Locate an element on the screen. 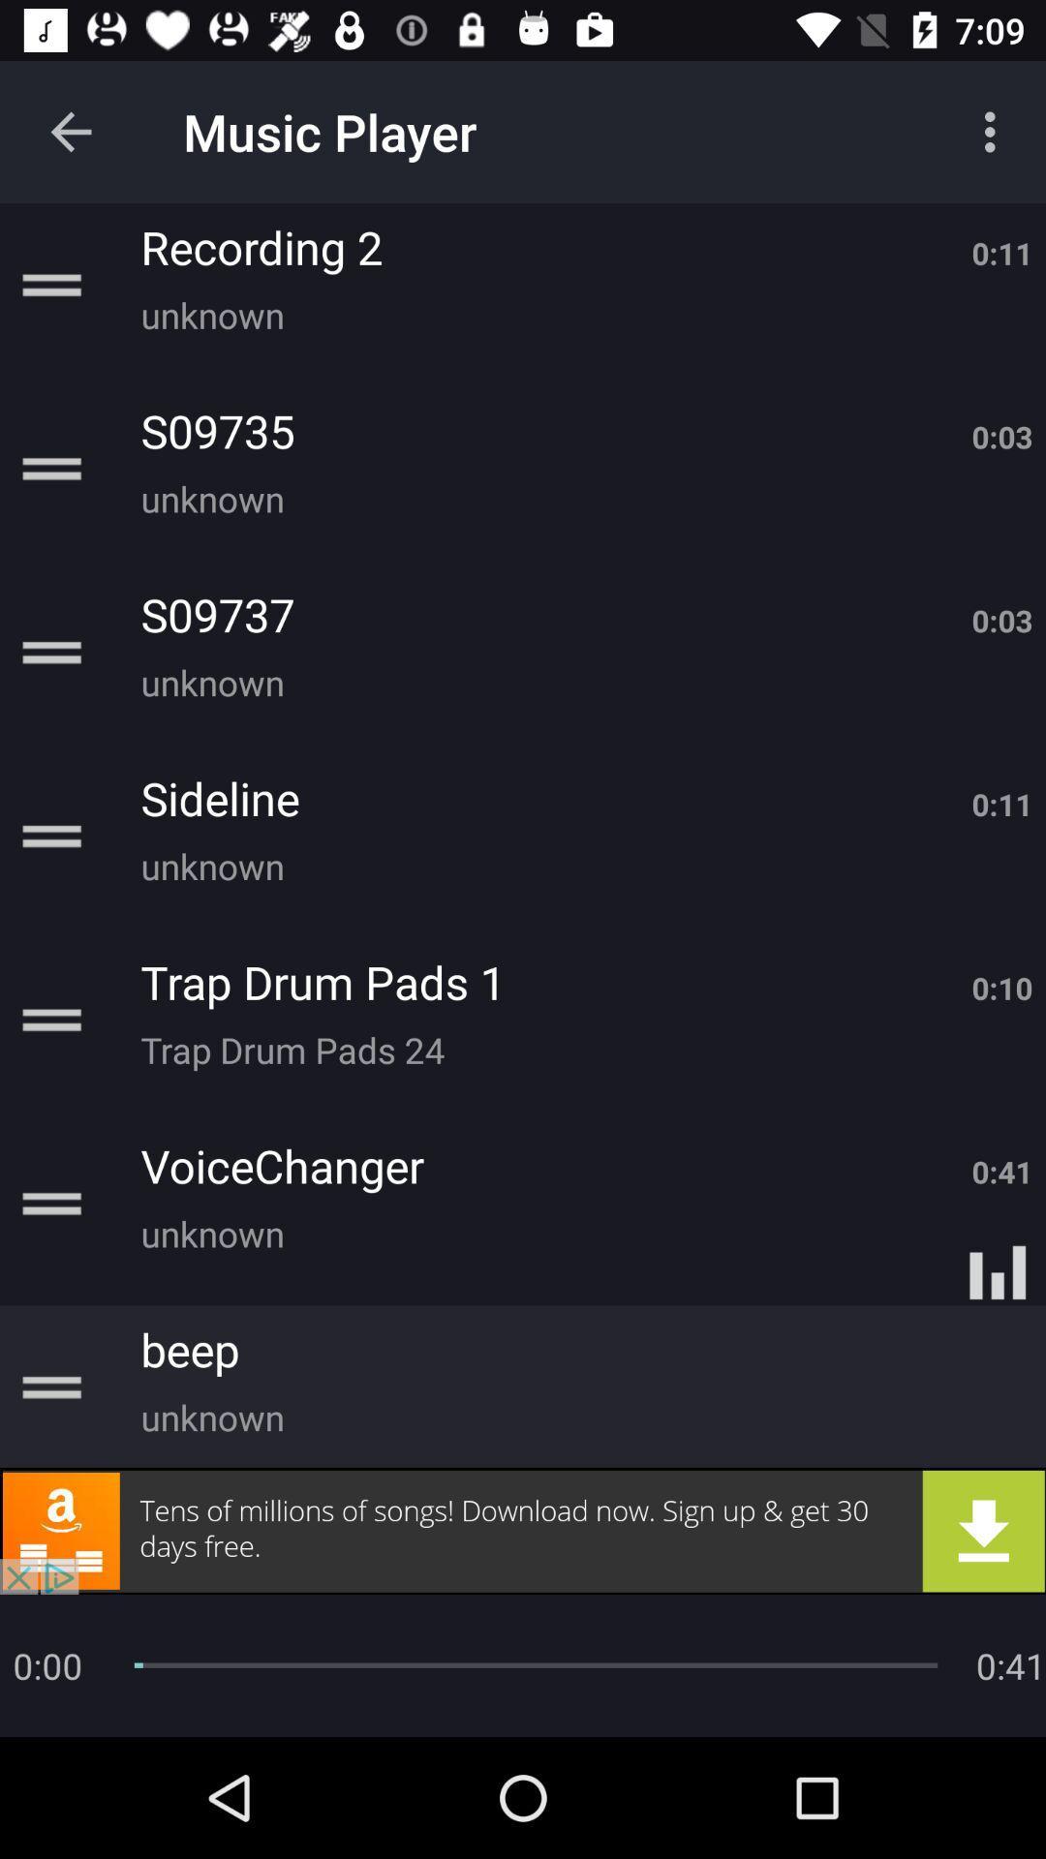  advertisement is located at coordinates (523, 1530).